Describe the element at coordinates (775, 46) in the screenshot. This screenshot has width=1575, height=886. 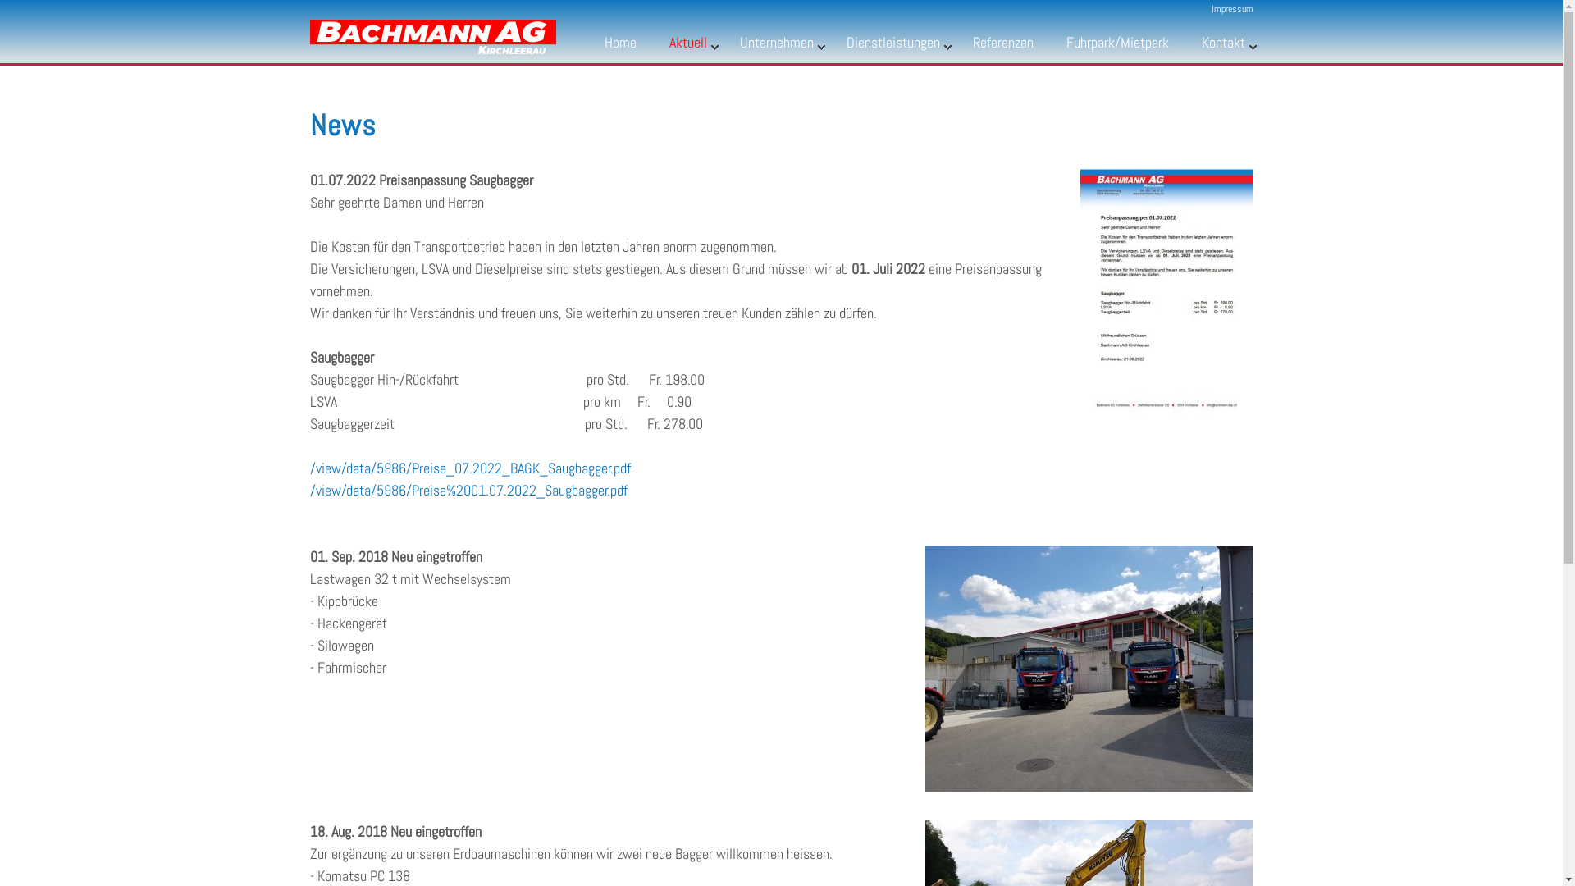
I see `'Unternehmen'` at that location.